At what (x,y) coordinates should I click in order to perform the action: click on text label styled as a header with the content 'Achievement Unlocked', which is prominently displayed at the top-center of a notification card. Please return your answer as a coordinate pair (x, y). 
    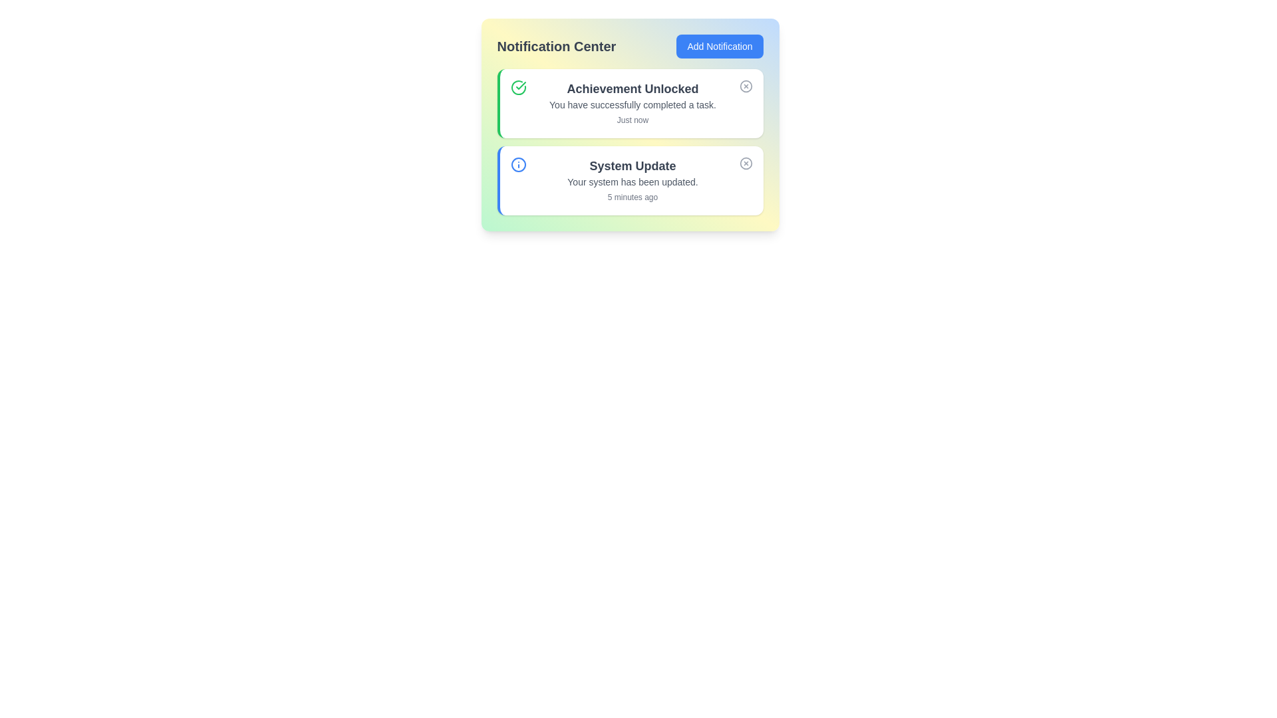
    Looking at the image, I should click on (632, 89).